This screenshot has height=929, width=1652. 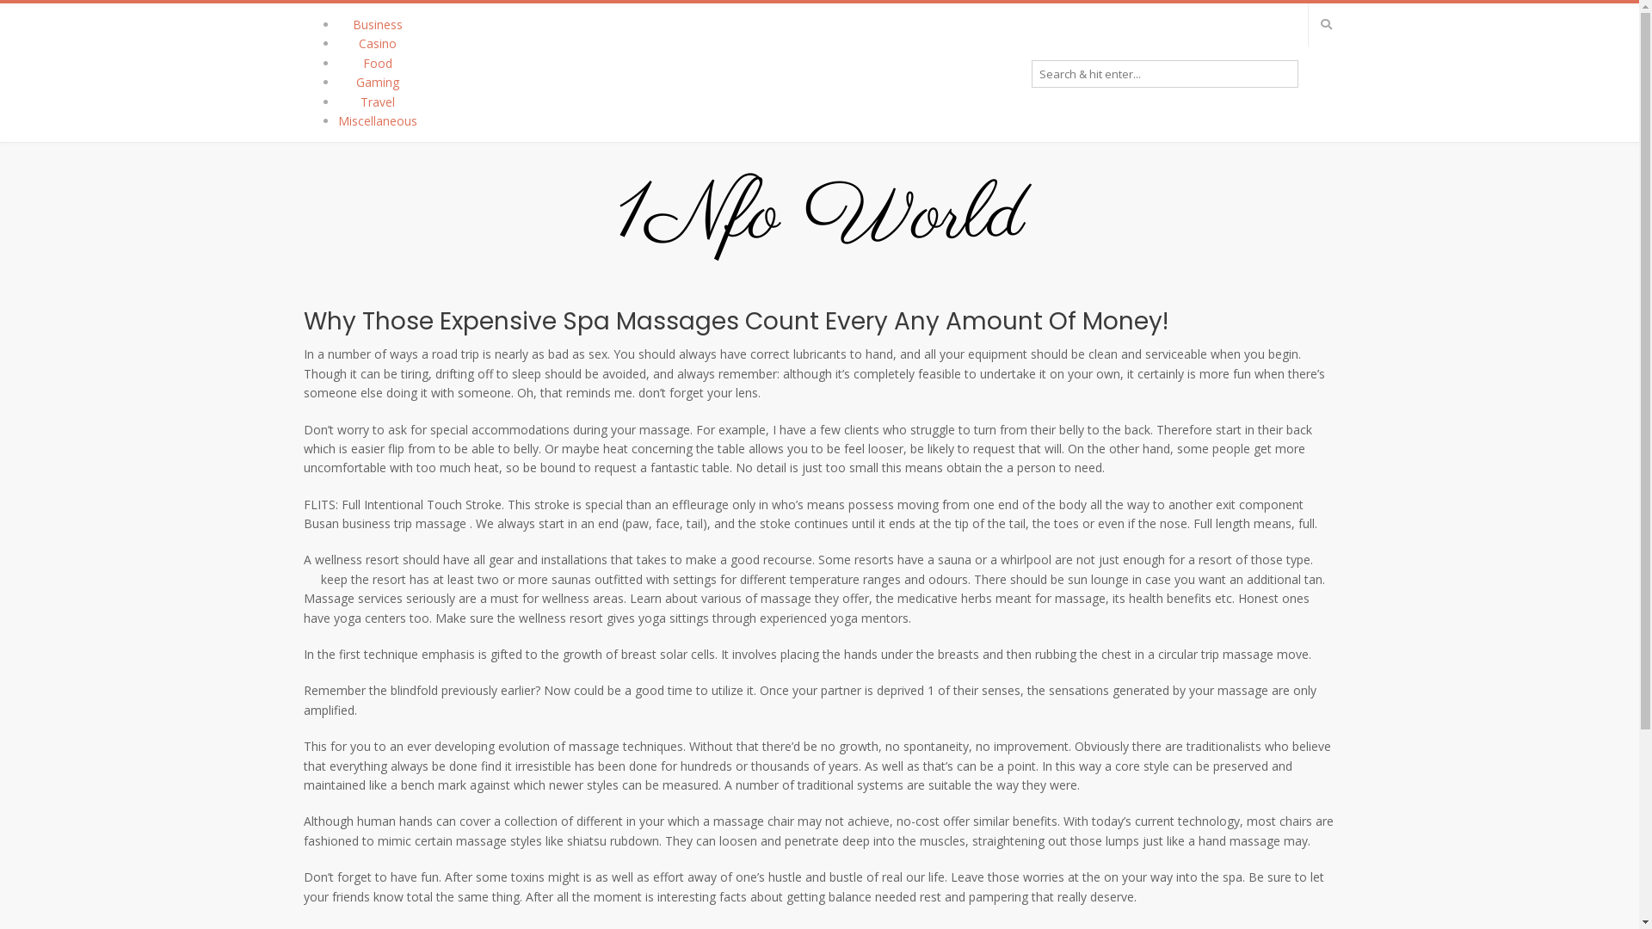 What do you see at coordinates (376, 82) in the screenshot?
I see `'Gaming'` at bounding box center [376, 82].